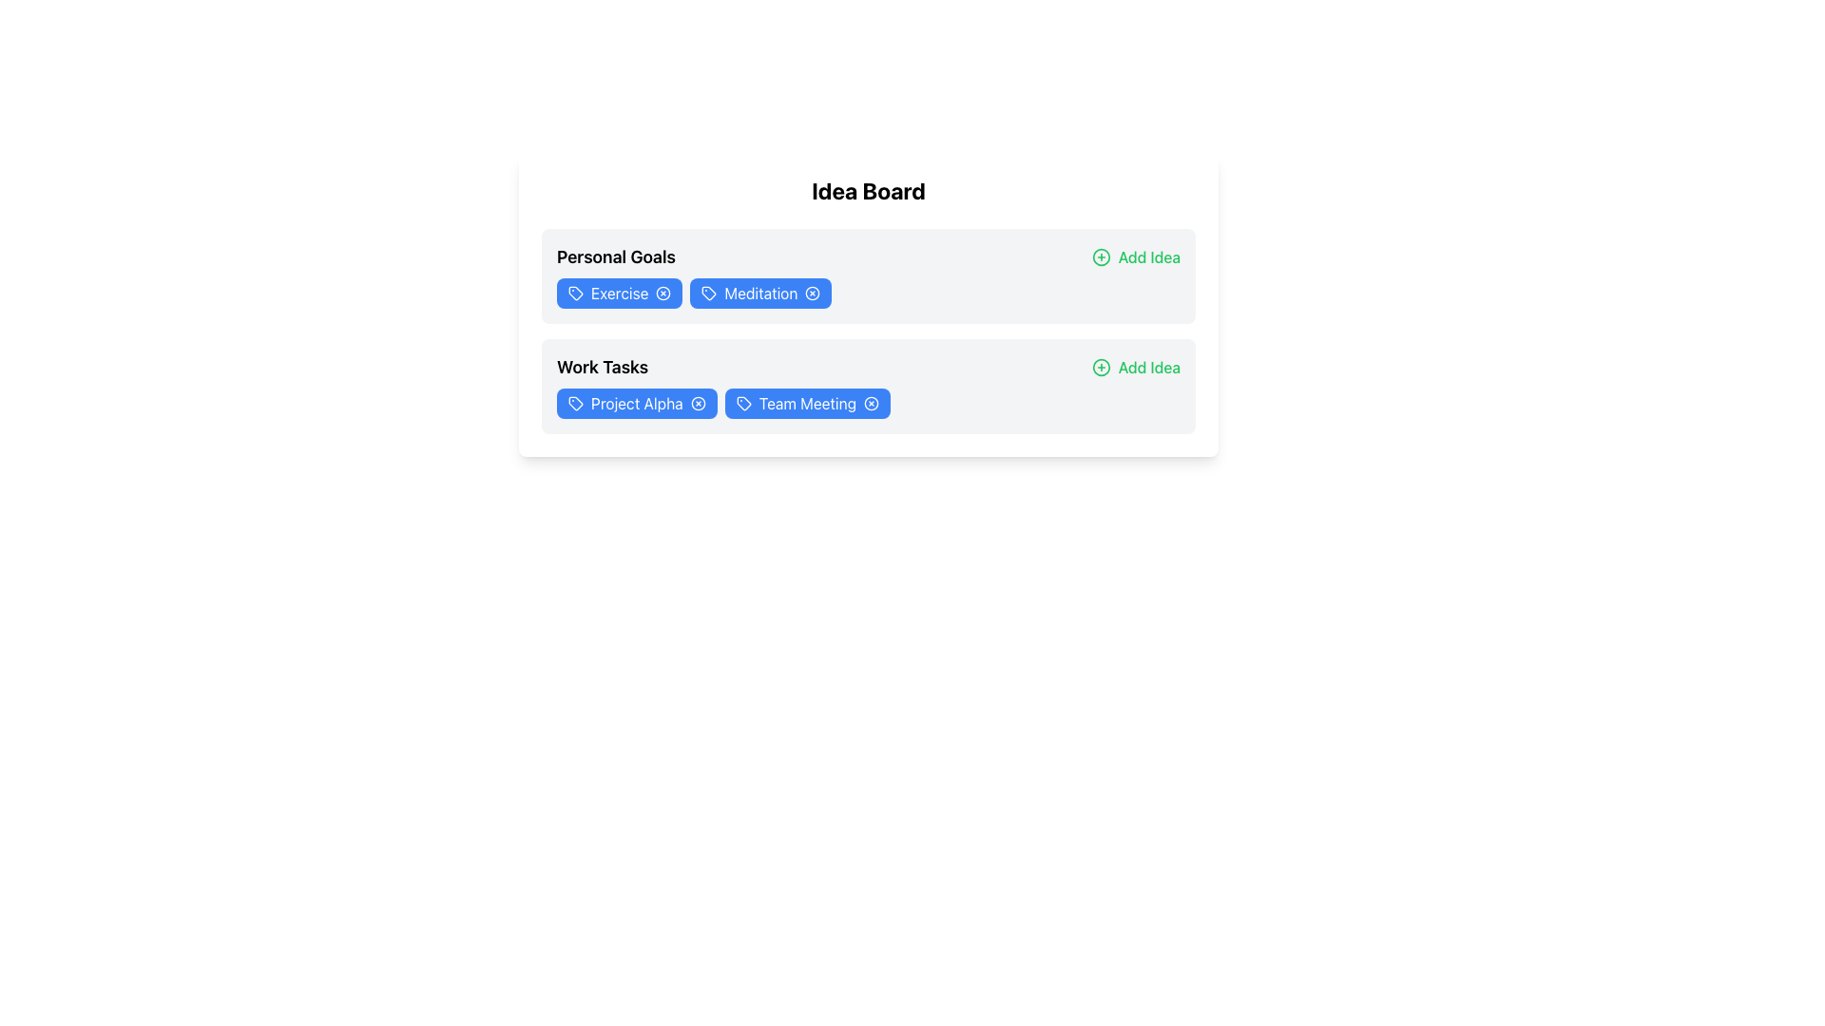 Image resolution: width=1825 pixels, height=1026 pixels. I want to click on the 'Meditation' tag button located to the right of the 'Exercise' button under the 'Personal Goals' header, so click(761, 293).